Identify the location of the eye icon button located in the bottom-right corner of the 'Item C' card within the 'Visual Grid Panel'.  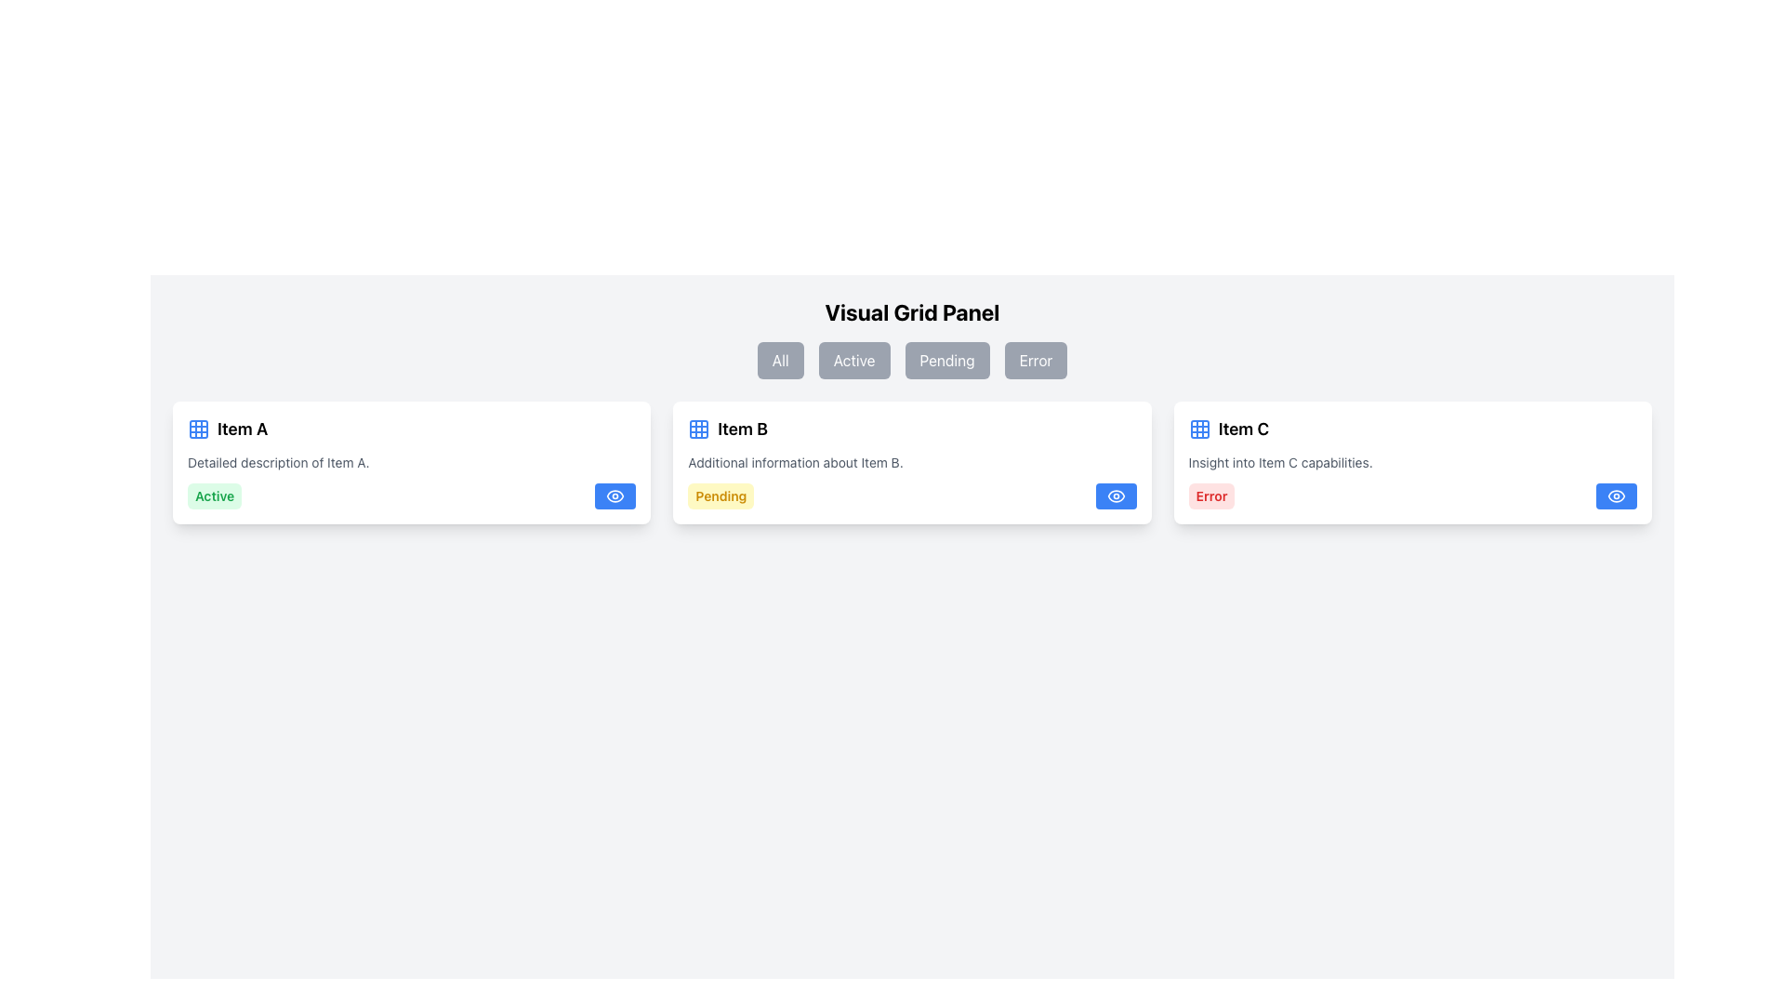
(1615, 495).